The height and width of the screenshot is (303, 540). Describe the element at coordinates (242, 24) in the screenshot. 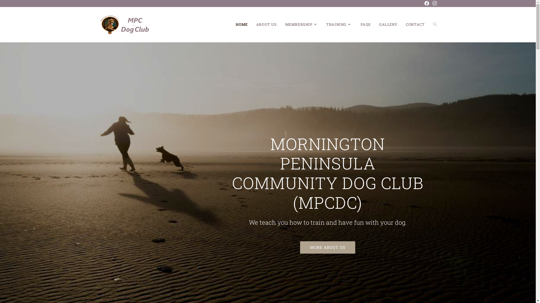

I see `'HOME'` at that location.